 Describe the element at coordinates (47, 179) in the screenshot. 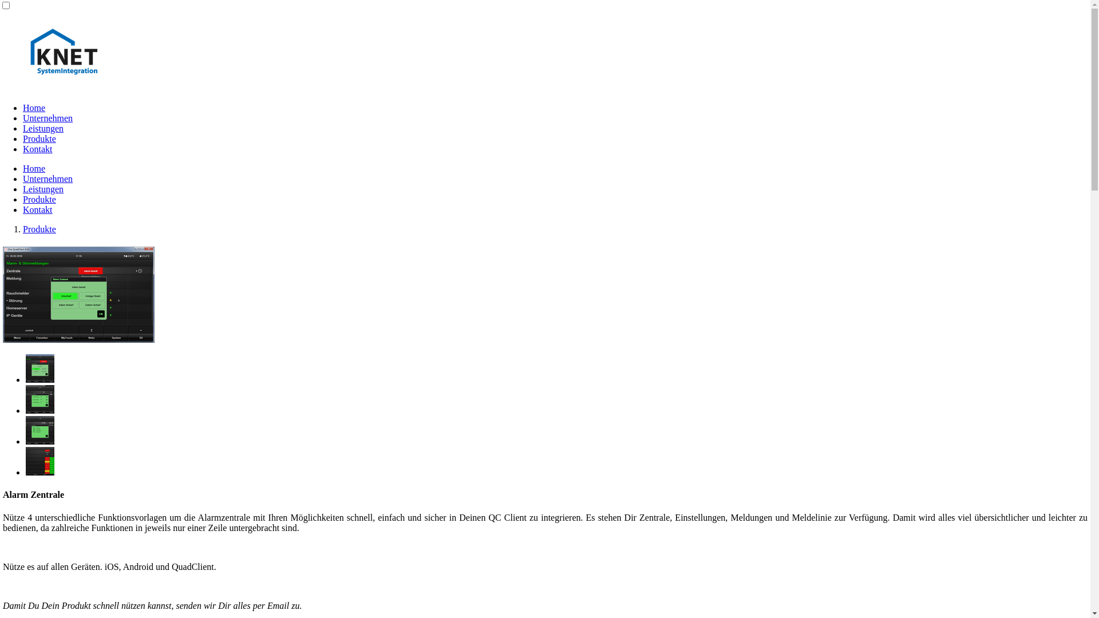

I see `'Unternehmen'` at that location.